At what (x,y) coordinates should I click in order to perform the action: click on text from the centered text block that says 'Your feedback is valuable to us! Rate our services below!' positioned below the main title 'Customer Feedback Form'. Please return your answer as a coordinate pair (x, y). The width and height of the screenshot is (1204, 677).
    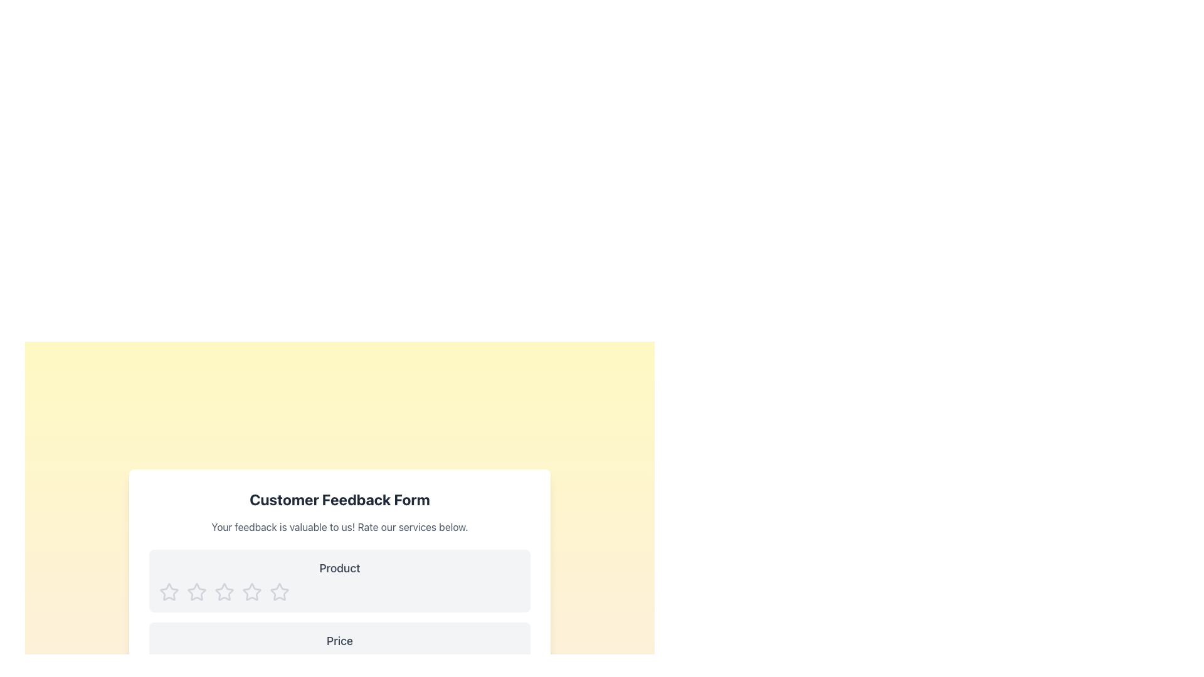
    Looking at the image, I should click on (340, 527).